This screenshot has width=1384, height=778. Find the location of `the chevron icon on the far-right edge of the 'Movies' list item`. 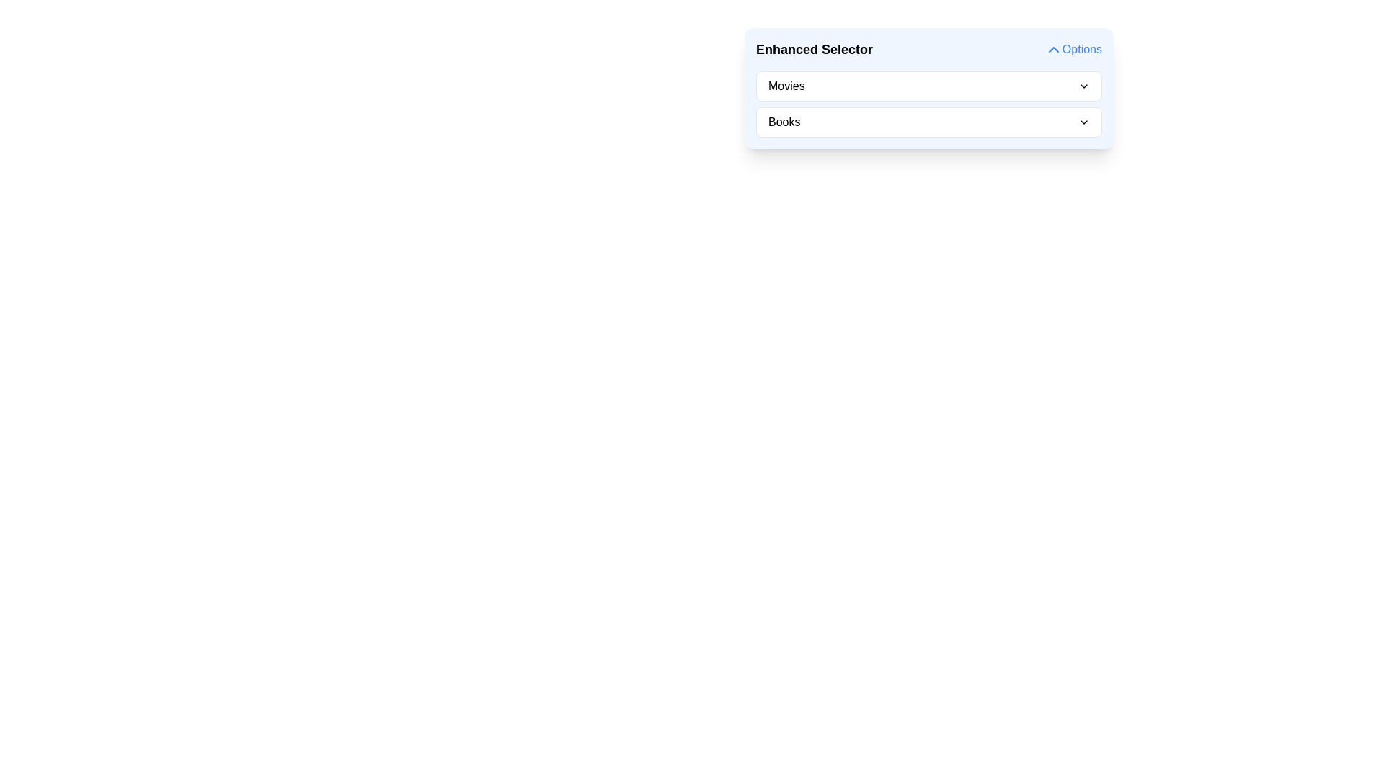

the chevron icon on the far-right edge of the 'Movies' list item is located at coordinates (1083, 86).